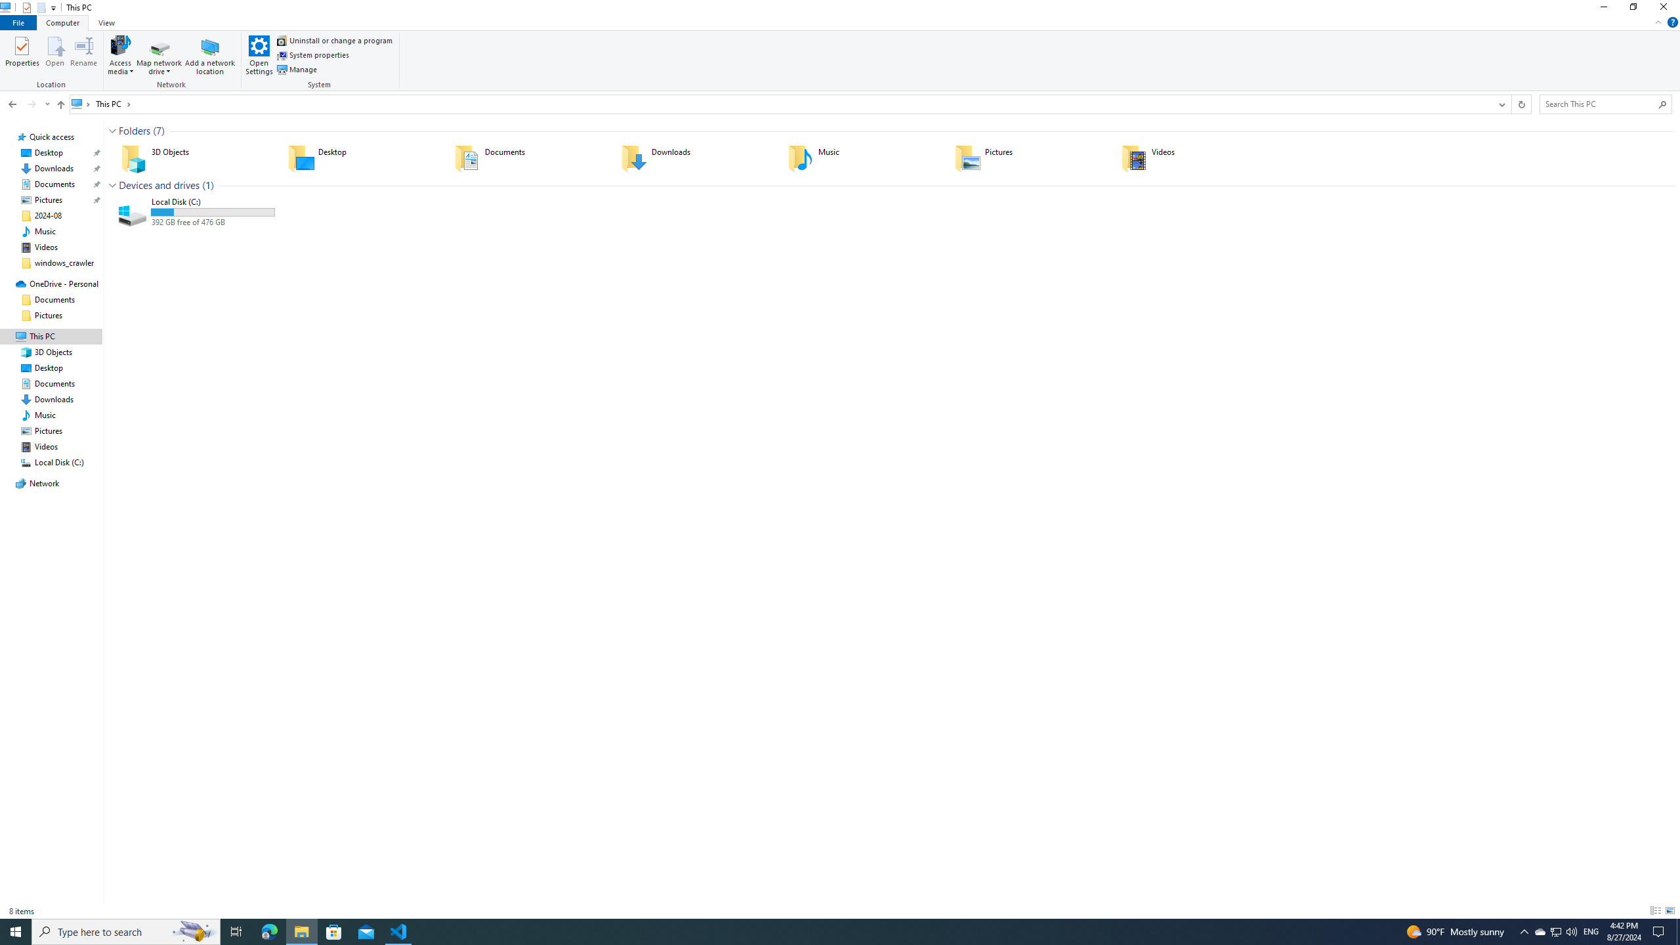  I want to click on 'Uninstall or change a program', so click(334, 40).